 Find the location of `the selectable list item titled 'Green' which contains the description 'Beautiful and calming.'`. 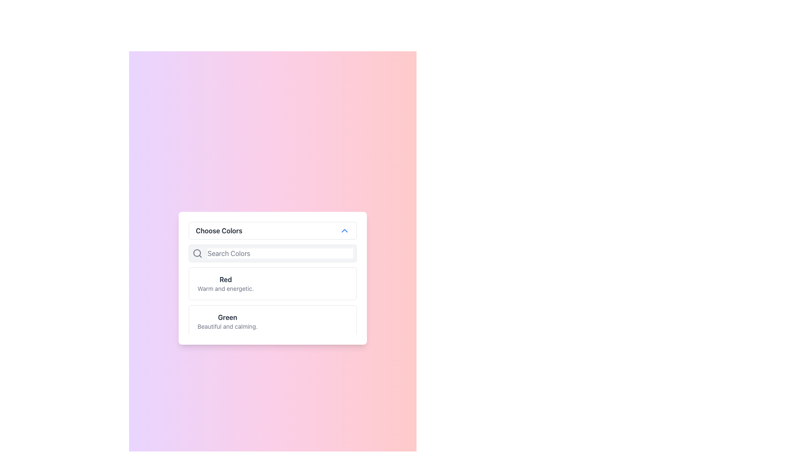

the selectable list item titled 'Green' which contains the description 'Beautiful and calming.' is located at coordinates (272, 321).